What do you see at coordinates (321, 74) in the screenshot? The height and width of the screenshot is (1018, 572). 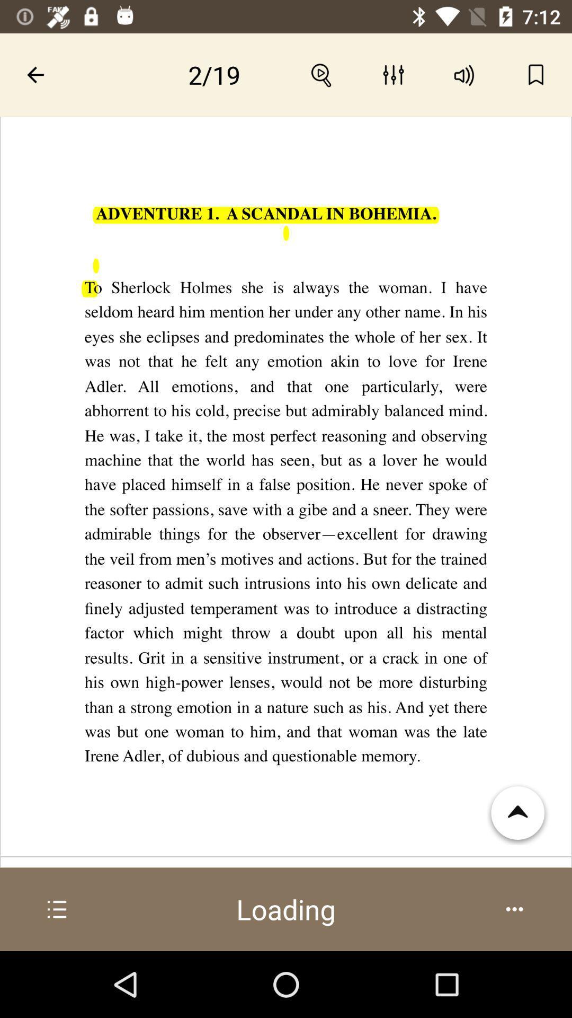 I see `search option` at bounding box center [321, 74].